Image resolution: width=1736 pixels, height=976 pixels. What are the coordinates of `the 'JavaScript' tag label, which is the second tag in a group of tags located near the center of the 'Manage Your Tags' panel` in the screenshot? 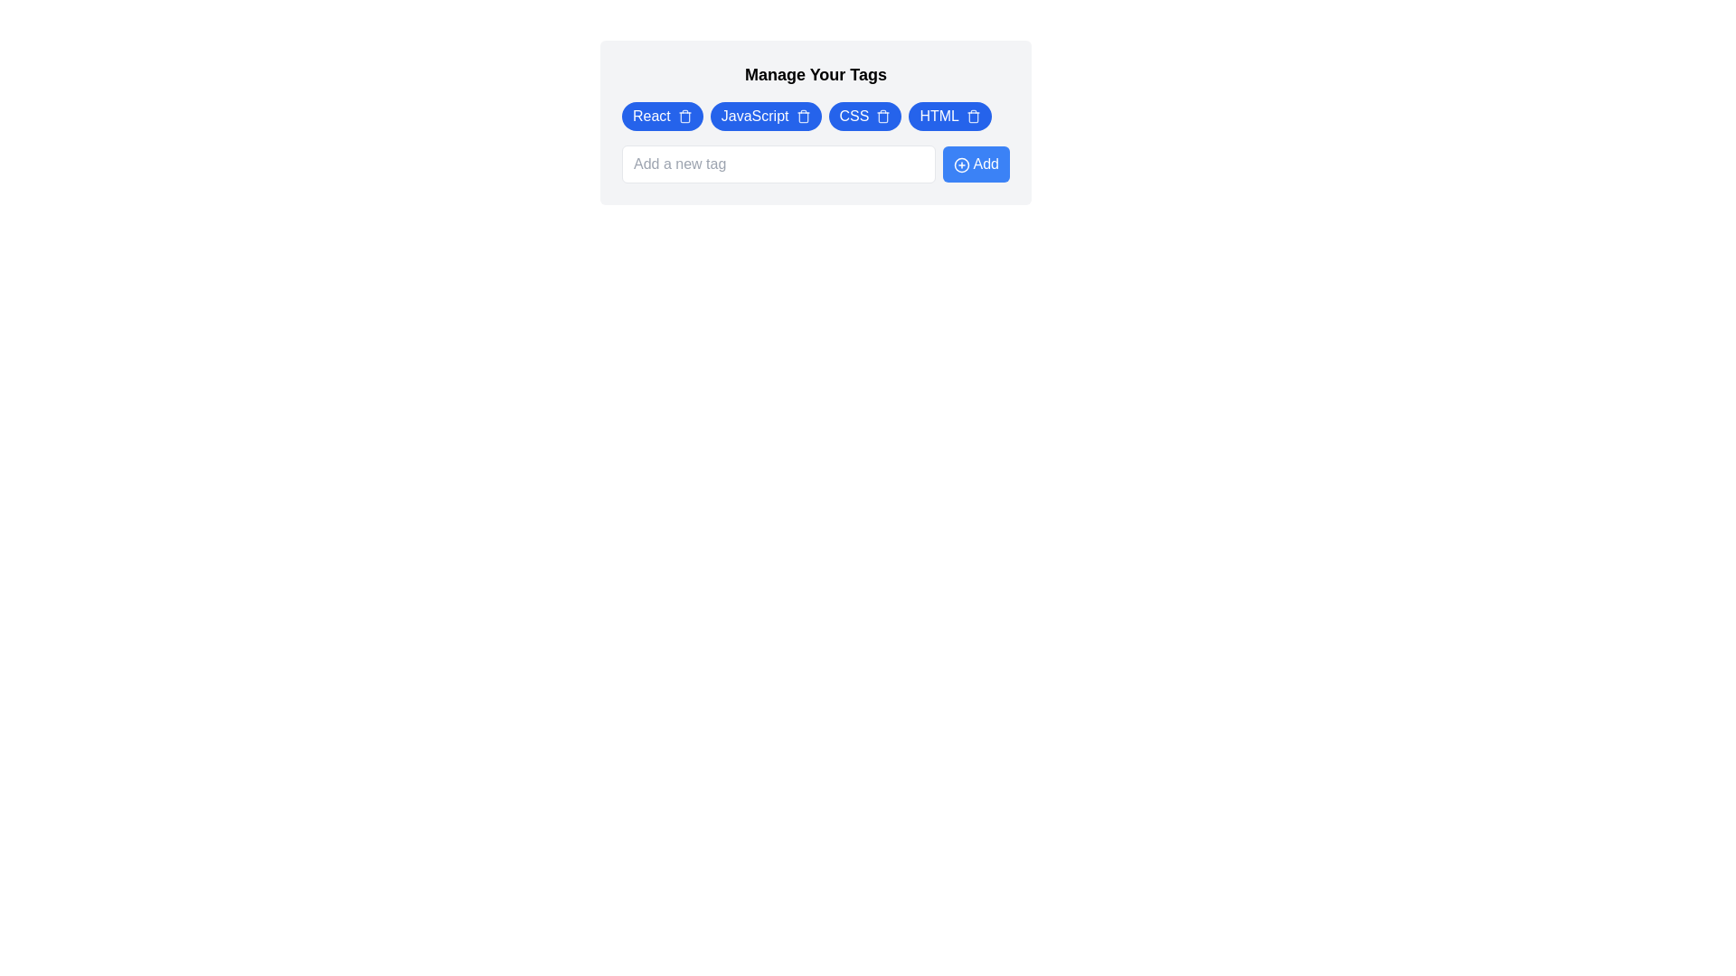 It's located at (755, 116).